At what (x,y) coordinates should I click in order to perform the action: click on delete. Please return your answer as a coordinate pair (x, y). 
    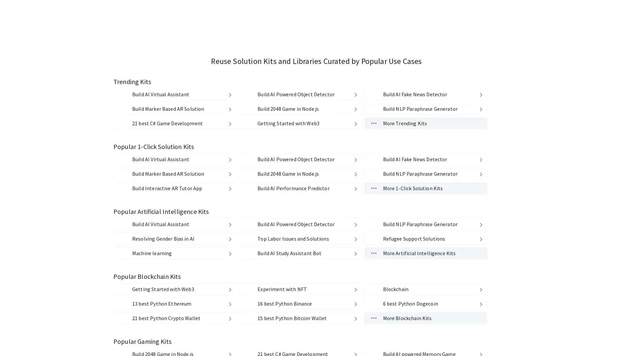
    Looking at the image, I should click on (355, 275).